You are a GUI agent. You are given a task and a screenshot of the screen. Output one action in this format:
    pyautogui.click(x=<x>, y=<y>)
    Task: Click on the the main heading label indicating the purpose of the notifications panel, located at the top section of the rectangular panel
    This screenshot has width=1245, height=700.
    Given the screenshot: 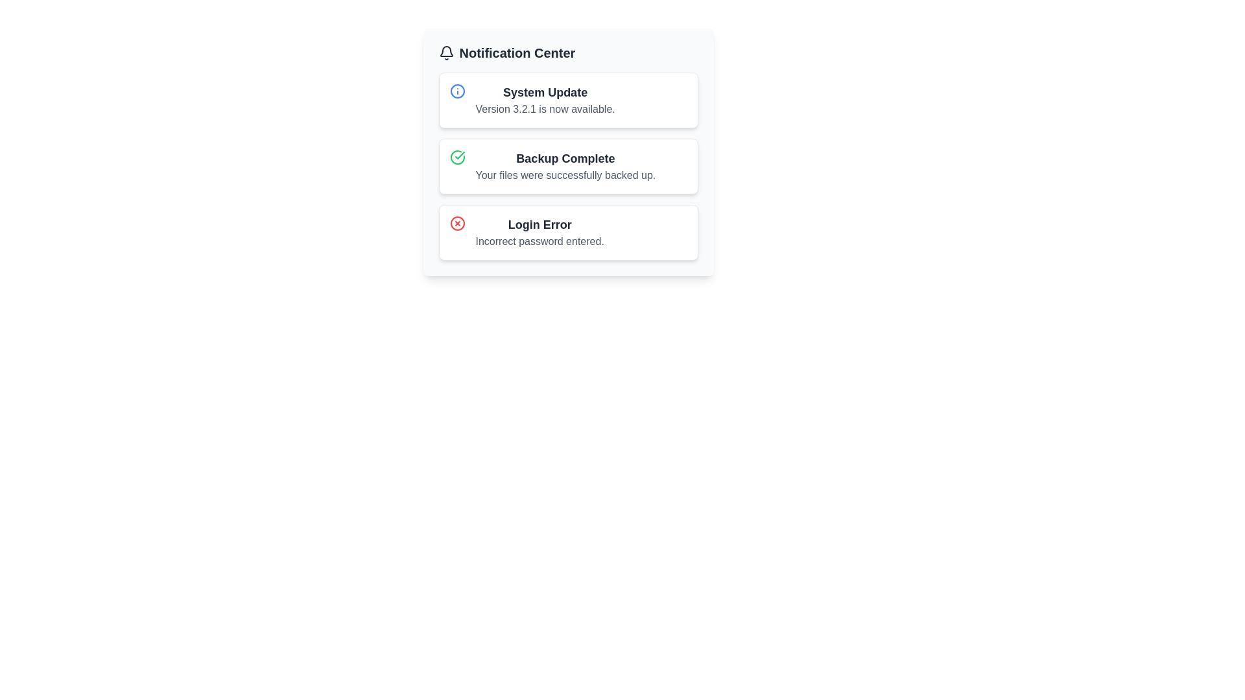 What is the action you would take?
    pyautogui.click(x=516, y=52)
    